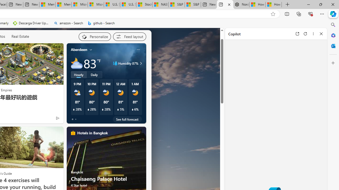  What do you see at coordinates (274, 4) in the screenshot?
I see `'How to Use a Monitor With Your Closed Laptop'` at bounding box center [274, 4].